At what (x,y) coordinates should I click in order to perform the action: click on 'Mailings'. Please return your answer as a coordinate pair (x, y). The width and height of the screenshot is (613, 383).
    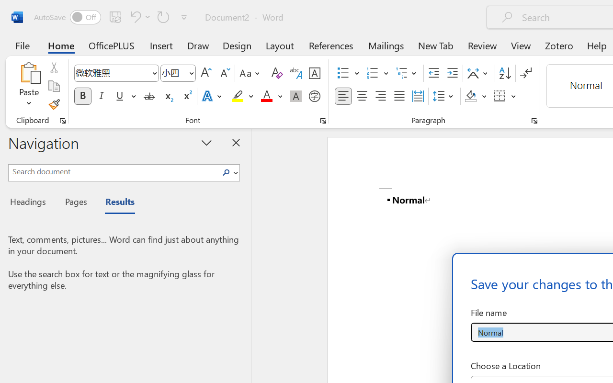
    Looking at the image, I should click on (386, 45).